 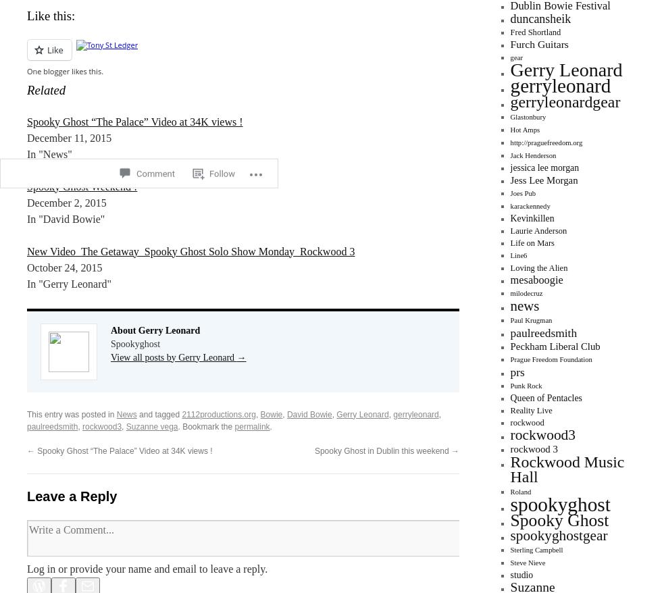 What do you see at coordinates (135, 343) in the screenshot?
I see `'Spookyghost'` at bounding box center [135, 343].